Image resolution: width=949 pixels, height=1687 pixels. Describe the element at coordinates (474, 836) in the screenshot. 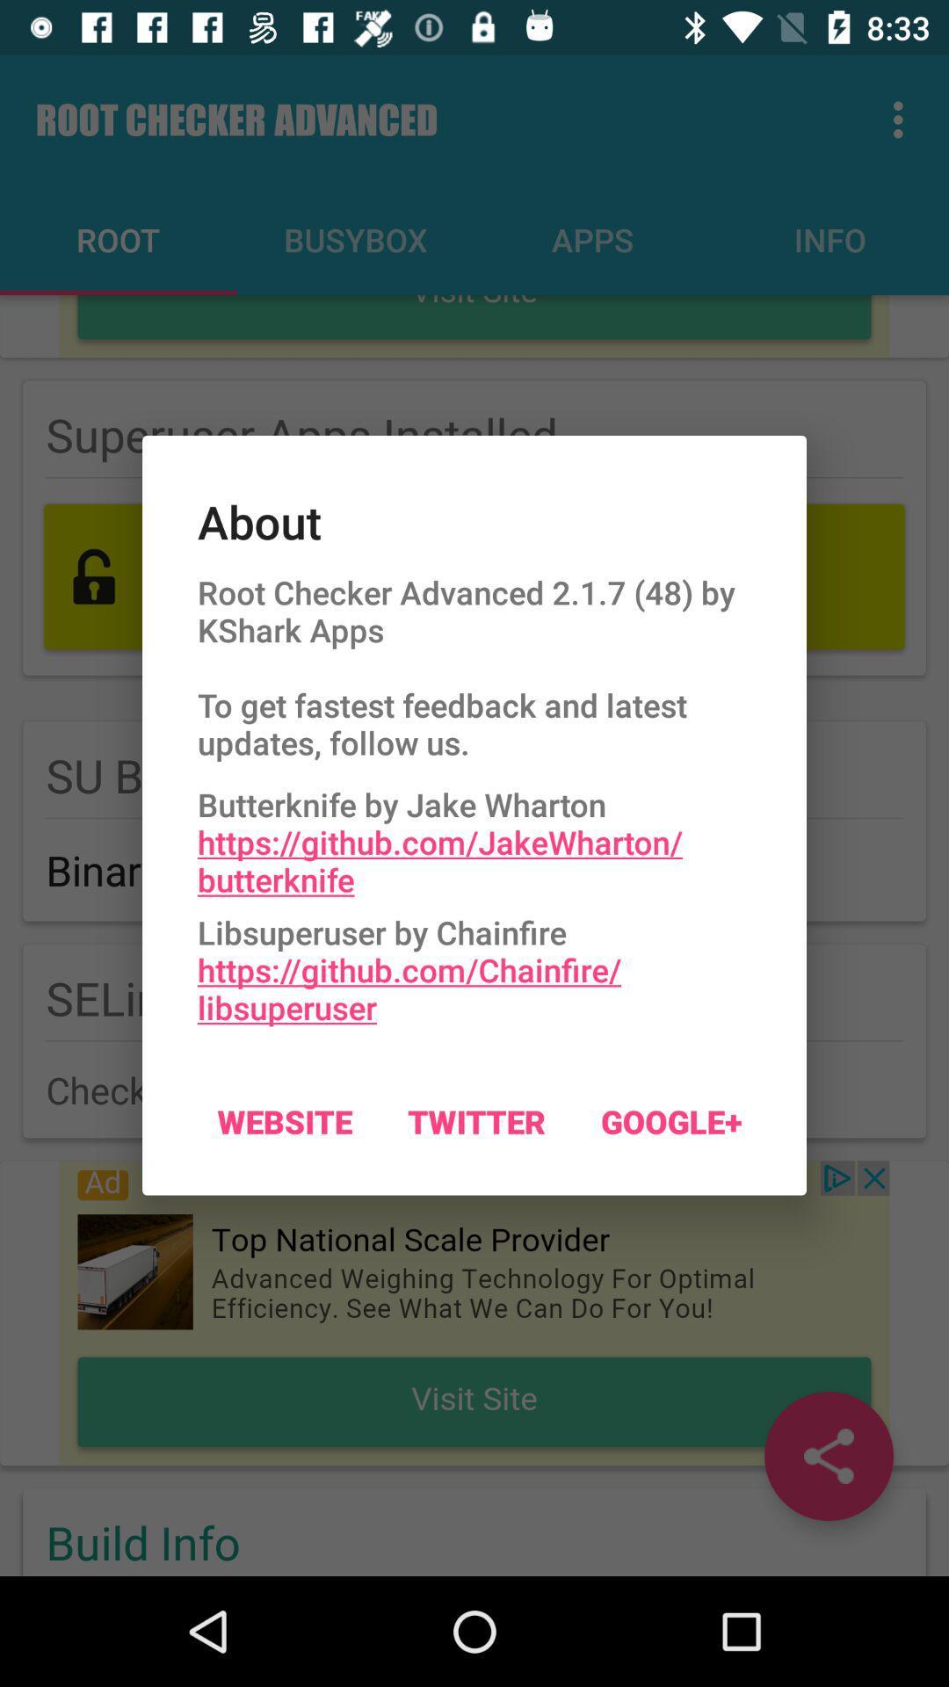

I see `icon below root checker advanced` at that location.